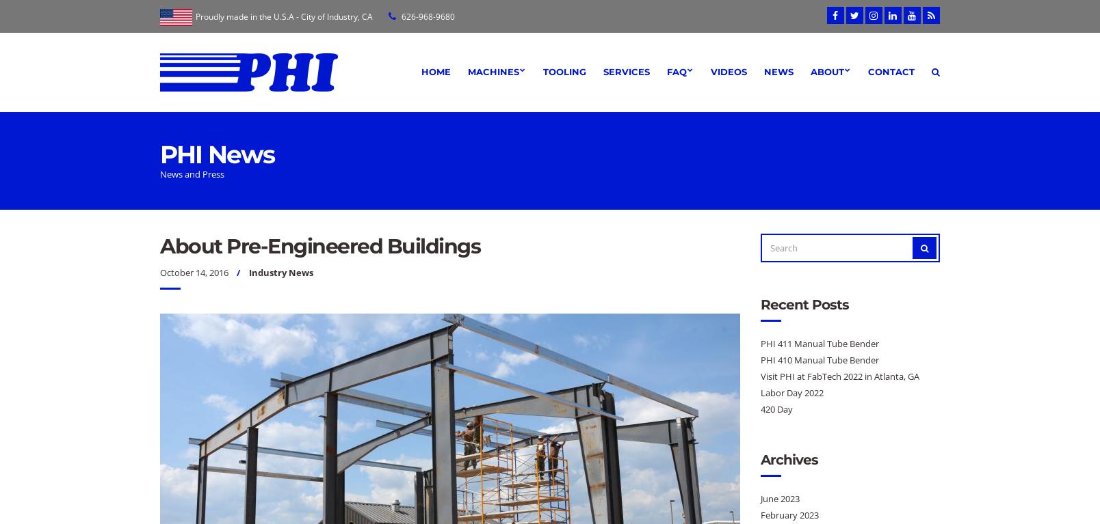 This screenshot has height=524, width=1100. I want to click on 'PHI News', so click(159, 154).